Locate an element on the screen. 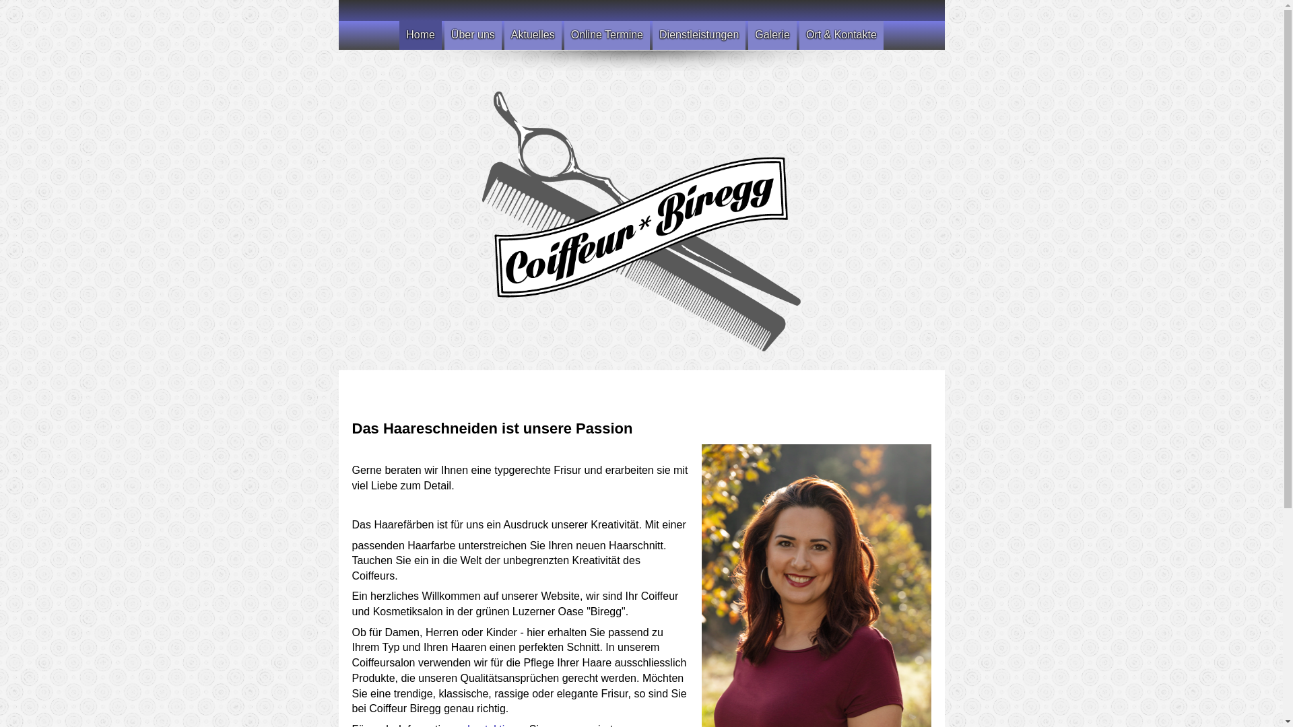 This screenshot has width=1293, height=727. 'Ort & Kontakte' is located at coordinates (840, 34).